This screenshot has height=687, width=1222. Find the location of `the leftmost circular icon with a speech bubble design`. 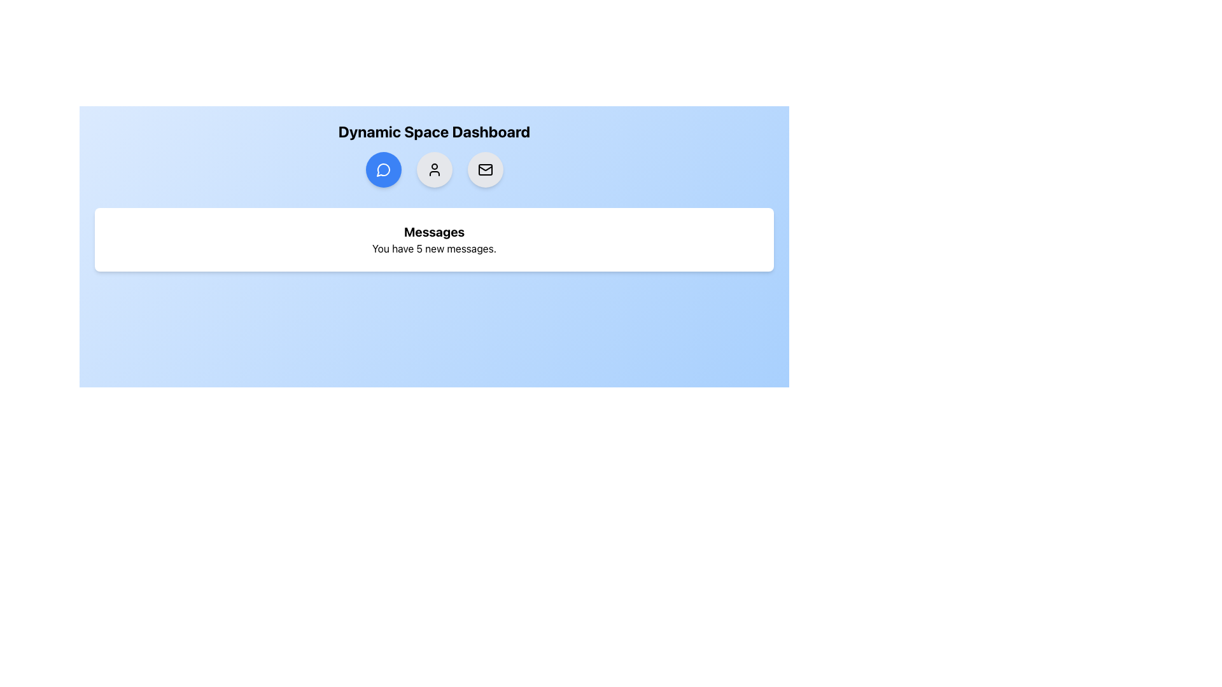

the leftmost circular icon with a speech bubble design is located at coordinates (383, 169).